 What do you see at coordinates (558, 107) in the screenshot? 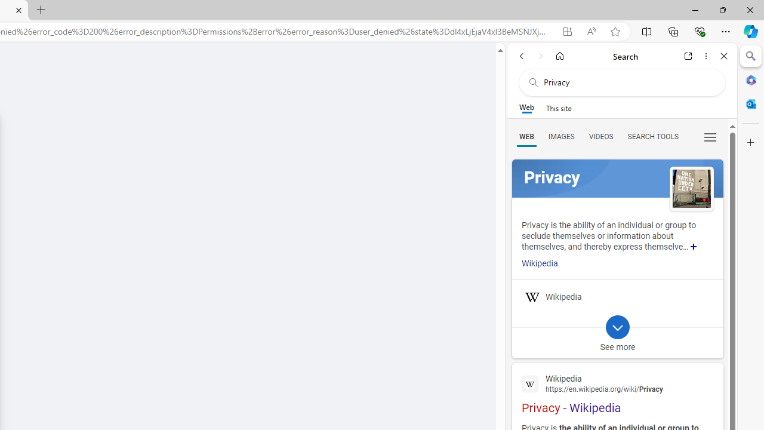
I see `'This site scope'` at bounding box center [558, 107].